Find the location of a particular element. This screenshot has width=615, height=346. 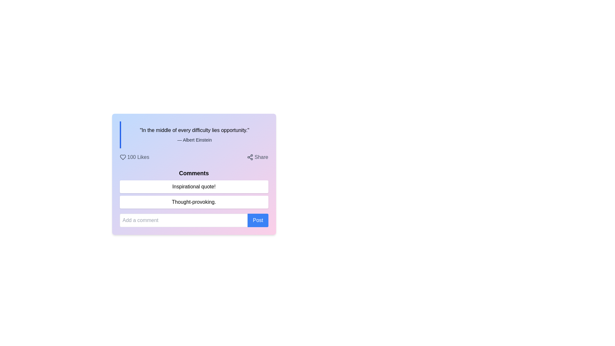

the '100 Likes' interactive text with a heart-shaped icon to change its color to red is located at coordinates (134, 157).